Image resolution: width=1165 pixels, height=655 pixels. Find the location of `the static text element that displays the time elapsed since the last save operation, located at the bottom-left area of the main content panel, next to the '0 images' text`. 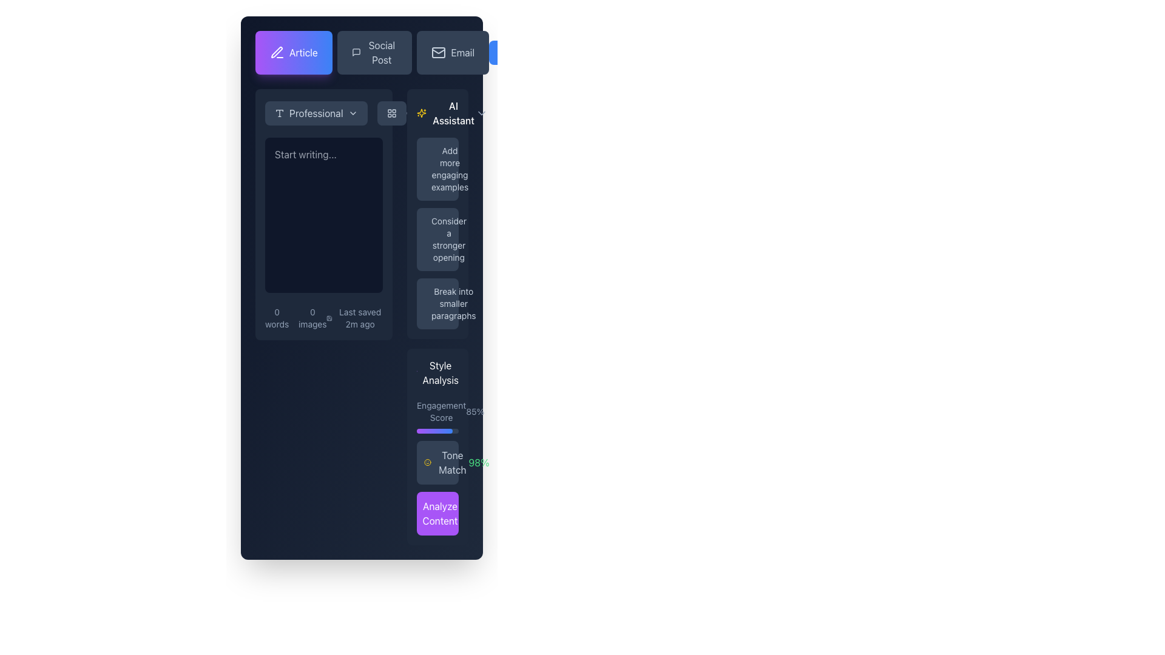

the static text element that displays the time elapsed since the last save operation, located at the bottom-left area of the main content panel, next to the '0 images' text is located at coordinates (354, 317).